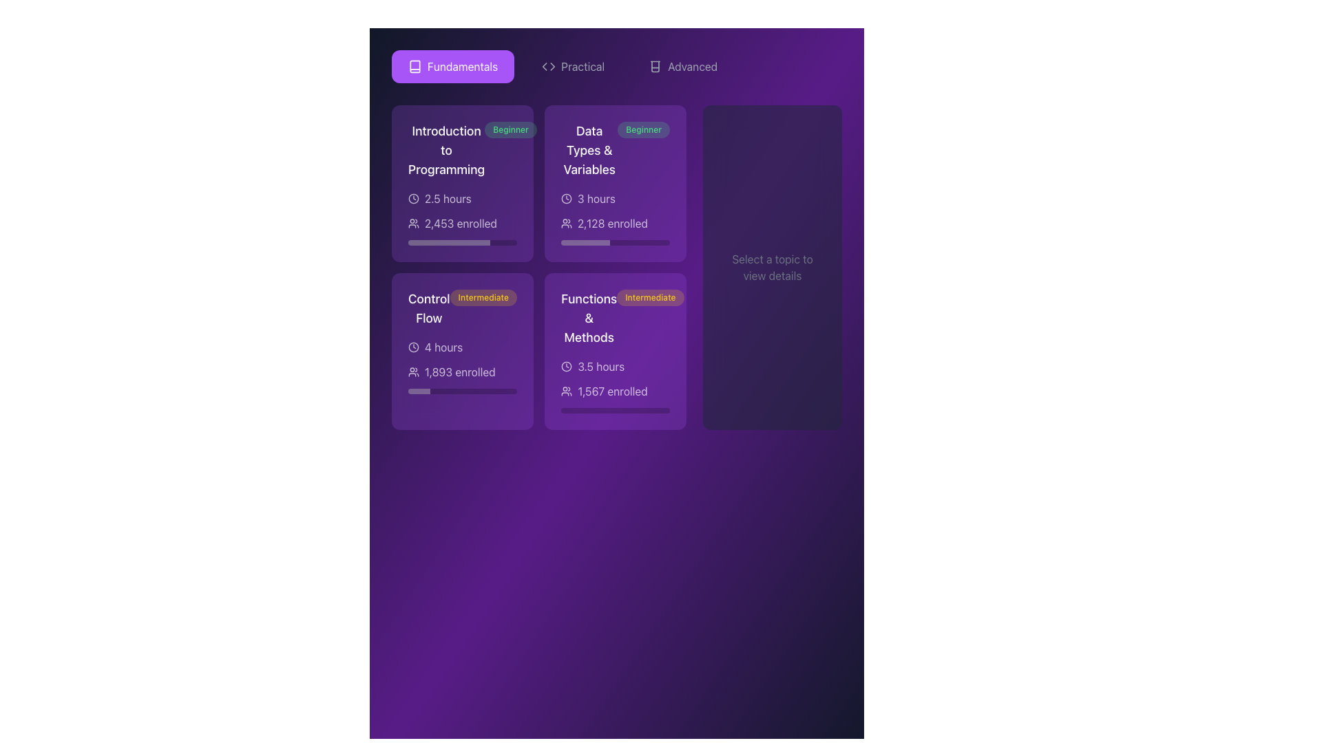  I want to click on difficulty level label located within the 'Control Flow' card, positioned to the right of the card title in the lower-left quadrant of the grid layout, so click(483, 297).